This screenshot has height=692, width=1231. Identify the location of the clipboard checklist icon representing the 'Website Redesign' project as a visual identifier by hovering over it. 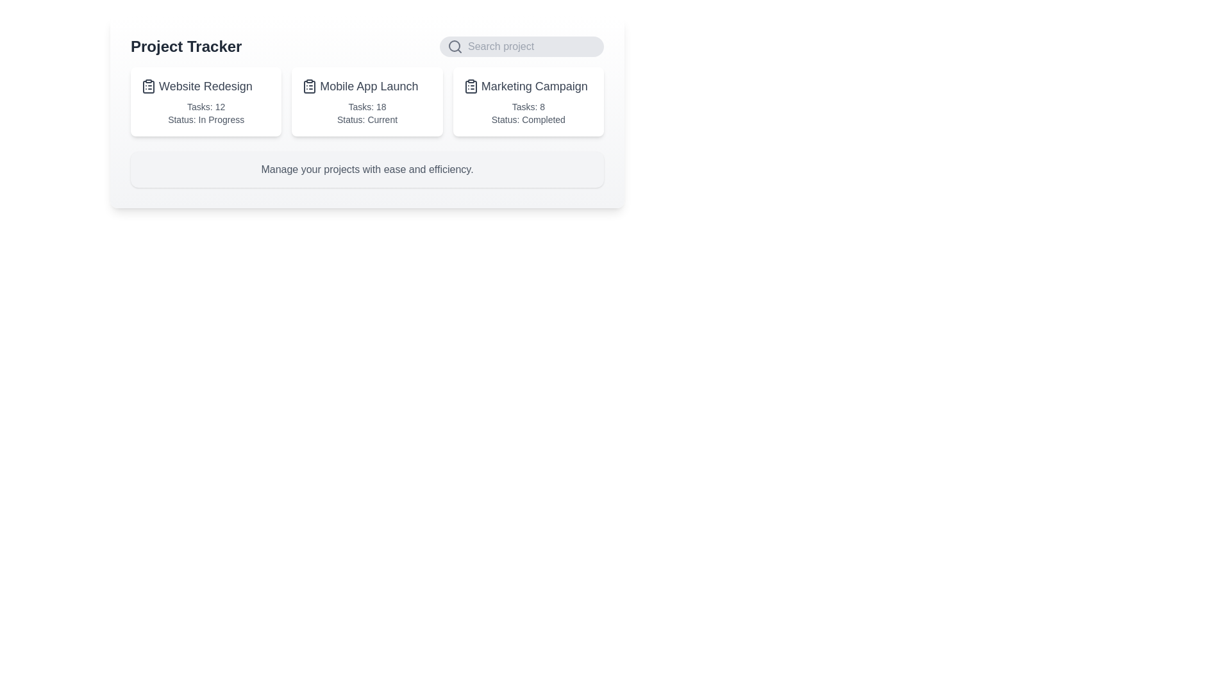
(148, 86).